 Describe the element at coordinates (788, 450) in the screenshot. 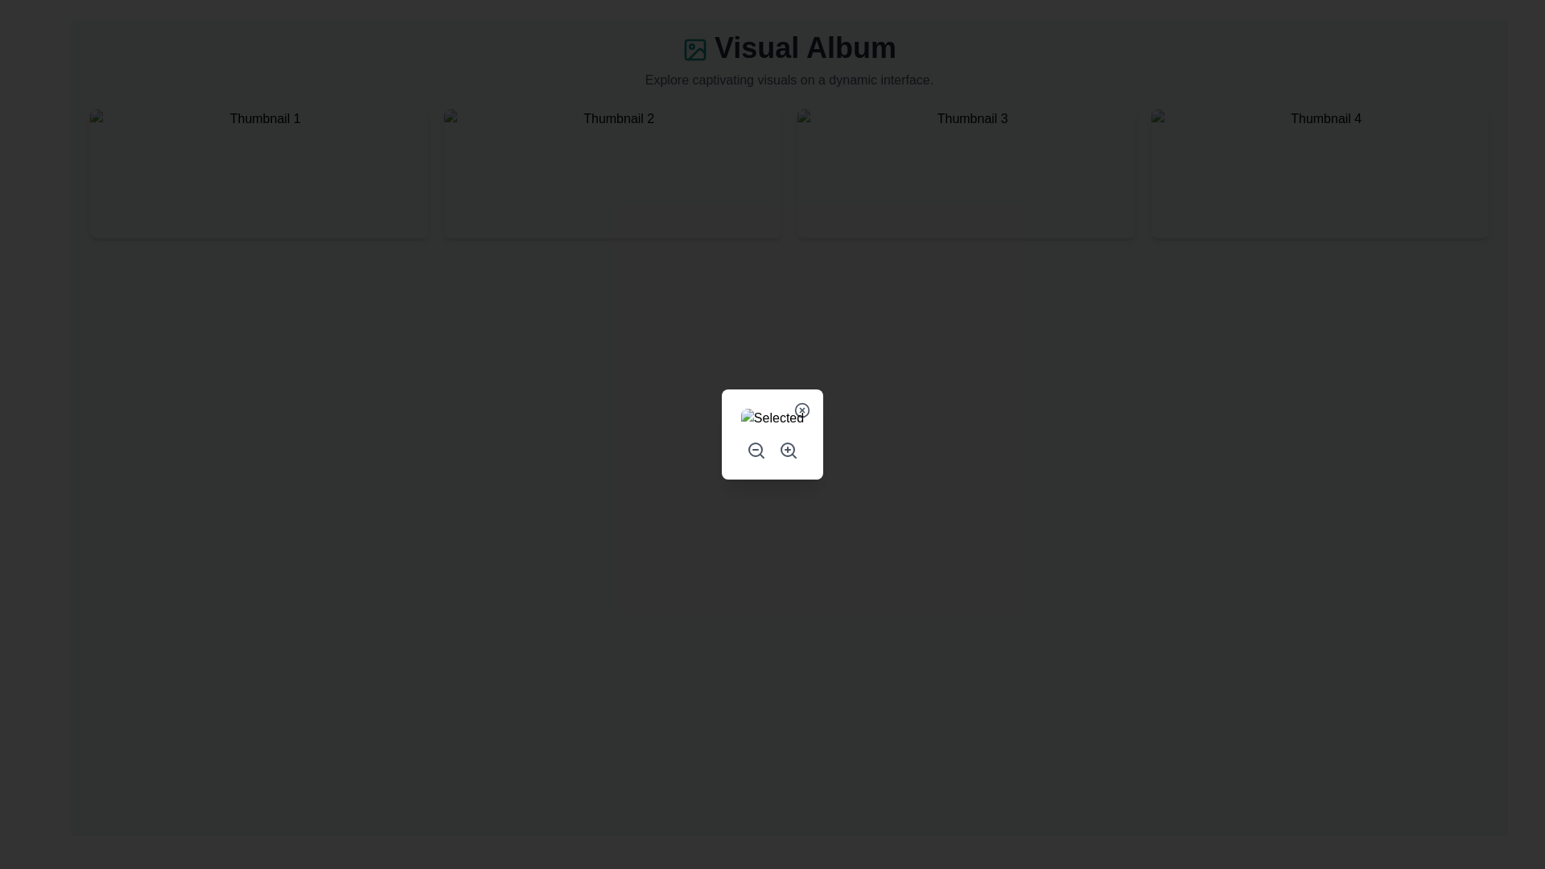

I see `the zoom-in button icon, which is the second icon in a horizontal arrangement of icons, to change its color` at that location.